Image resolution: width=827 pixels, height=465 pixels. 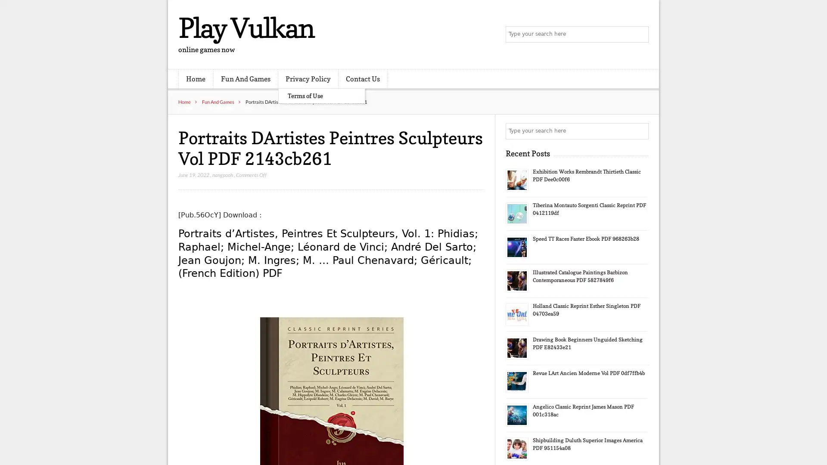 I want to click on Search, so click(x=640, y=131).